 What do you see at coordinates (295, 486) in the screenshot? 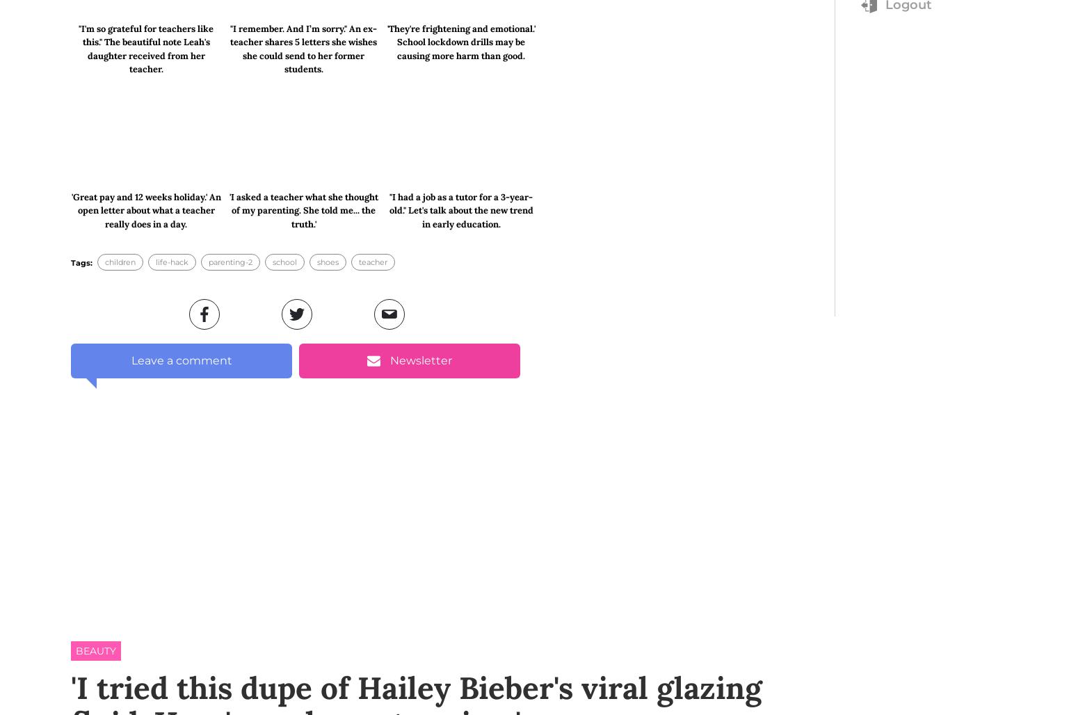
I see `'is an Australian skincare brand (a kickass lady startup, in fact!) of clean, vegan and cruelty-free products, that are focused on using the highest quality ingredients.'` at bounding box center [295, 486].